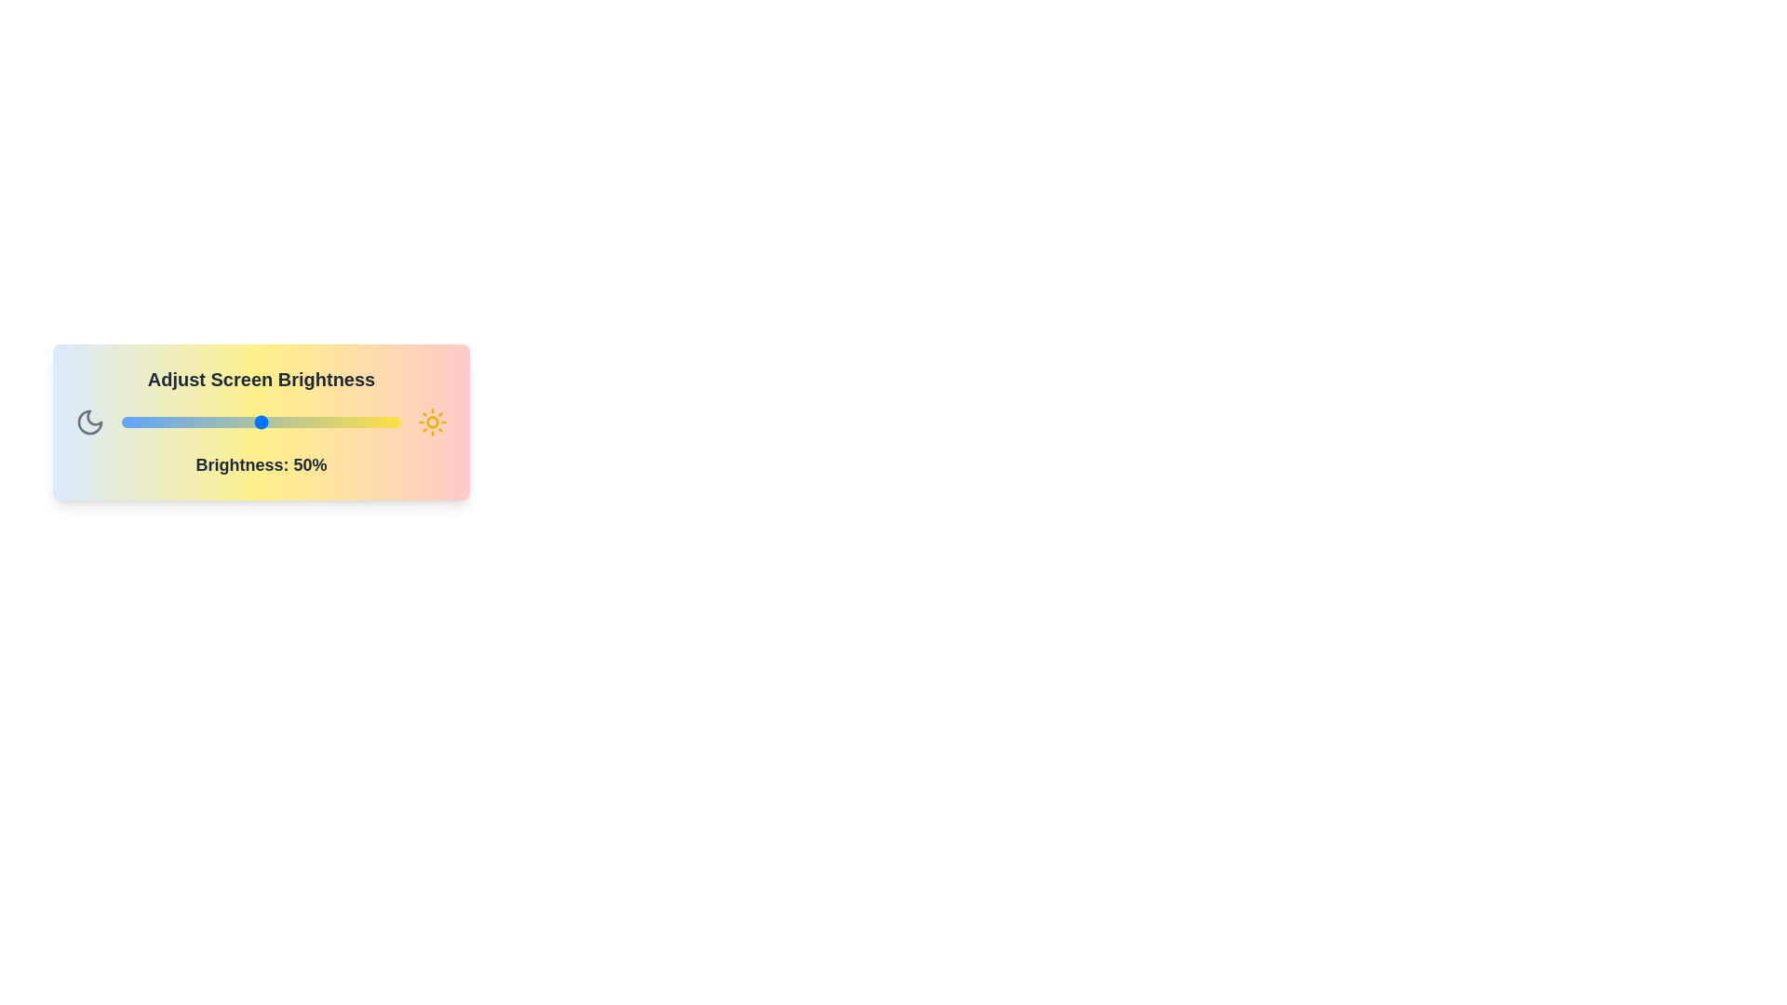  What do you see at coordinates (249, 422) in the screenshot?
I see `the brightness slider to set the brightness to 46%` at bounding box center [249, 422].